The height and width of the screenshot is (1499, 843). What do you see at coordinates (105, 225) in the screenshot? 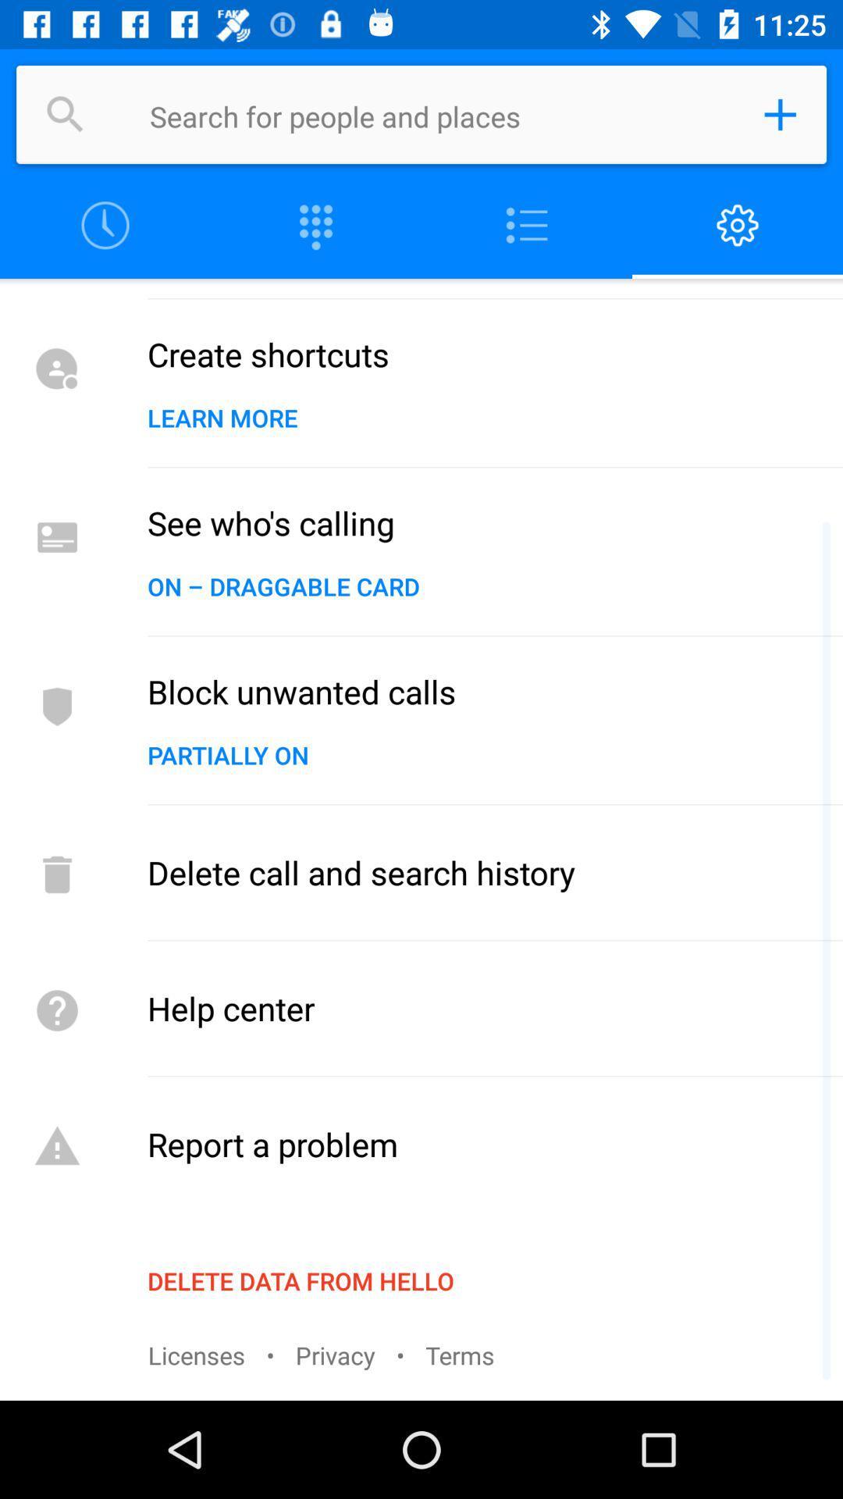
I see `fix the time schedule` at bounding box center [105, 225].